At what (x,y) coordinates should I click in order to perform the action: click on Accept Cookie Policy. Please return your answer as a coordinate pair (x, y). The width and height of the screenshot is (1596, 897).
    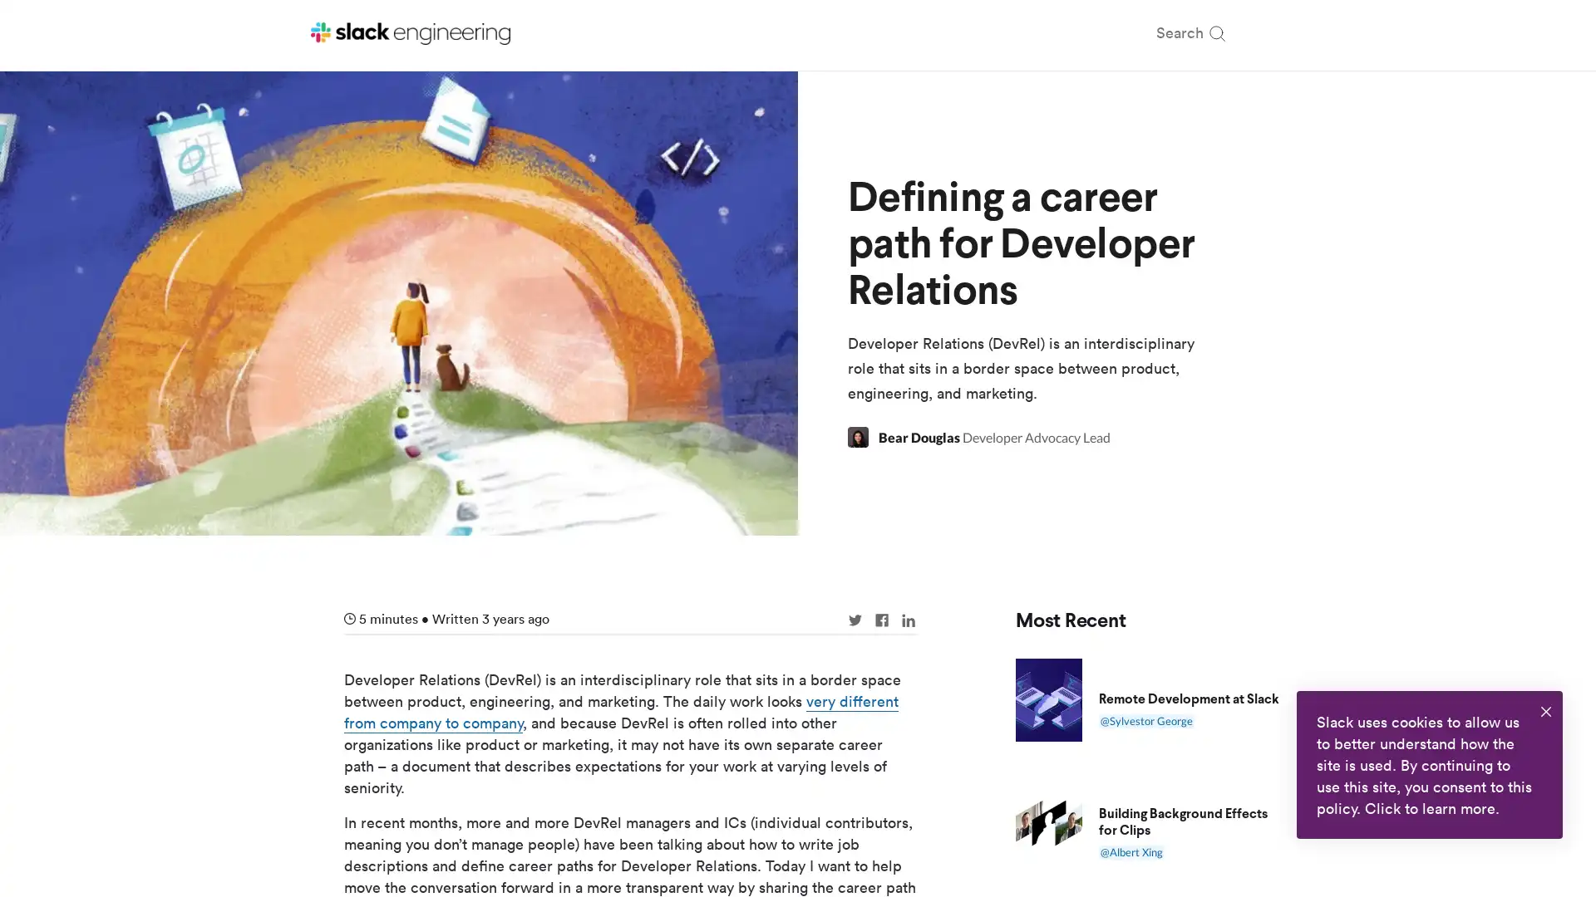
    Looking at the image, I should click on (1545, 711).